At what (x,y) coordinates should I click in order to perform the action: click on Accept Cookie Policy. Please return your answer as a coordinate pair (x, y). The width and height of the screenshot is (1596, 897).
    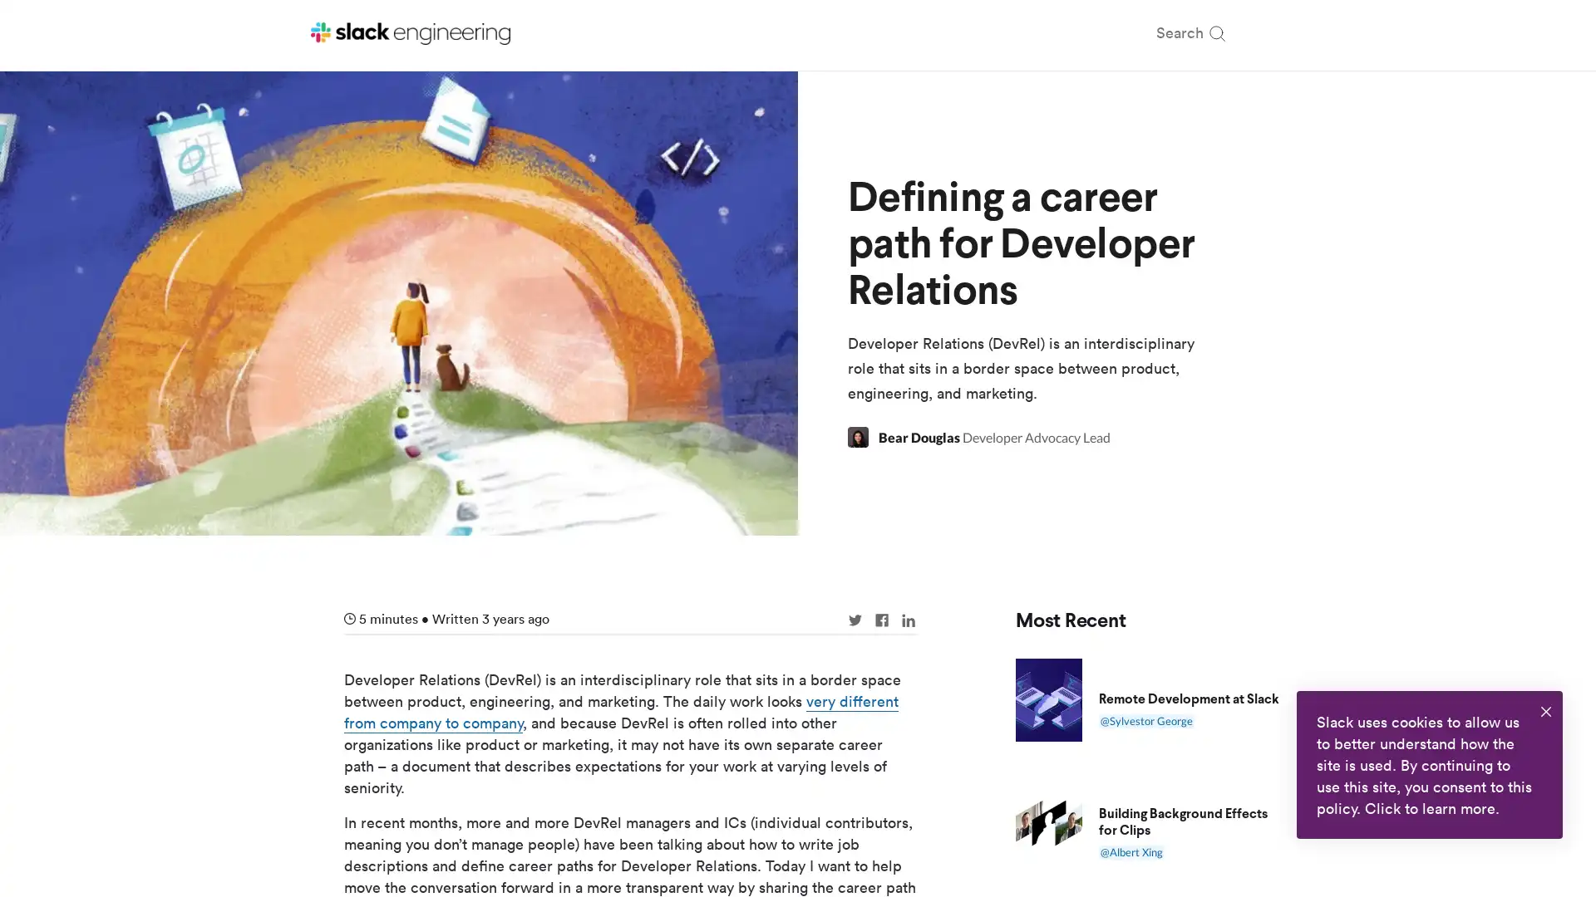
    Looking at the image, I should click on (1545, 711).